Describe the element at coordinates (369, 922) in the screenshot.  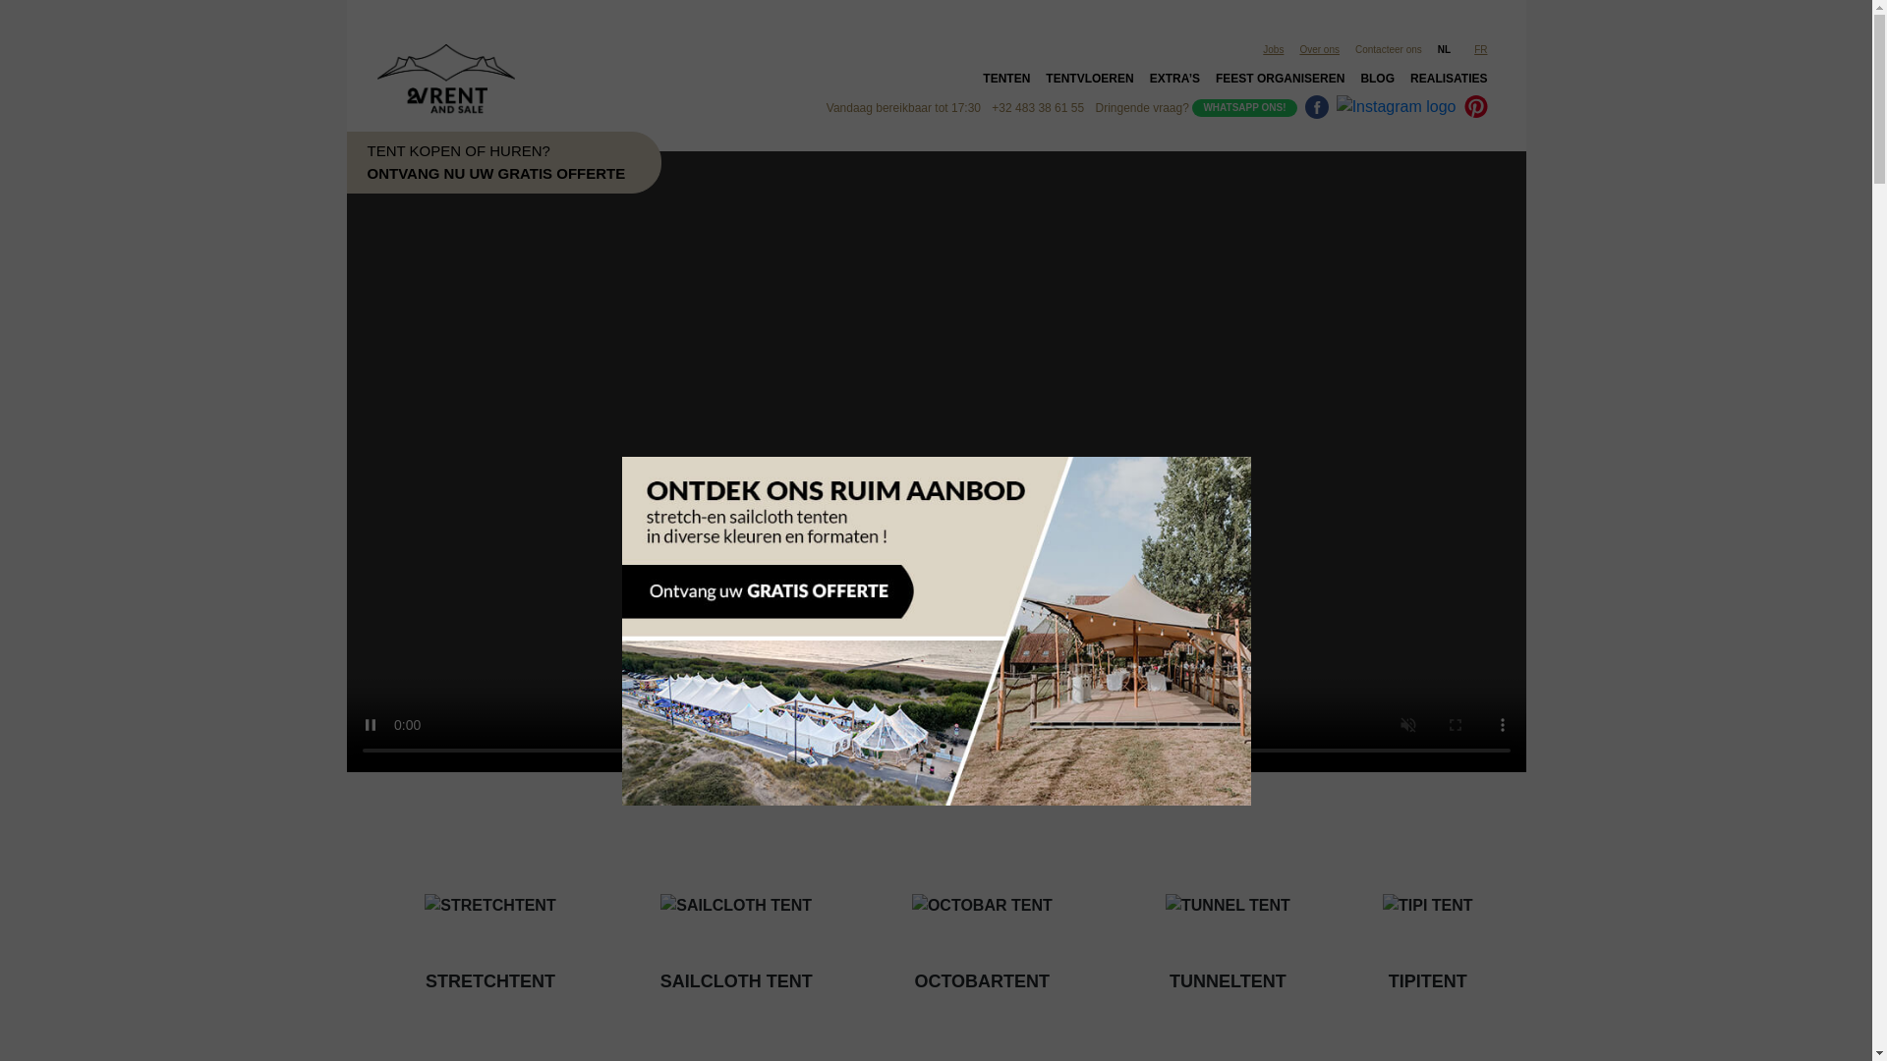
I see `'STRETCHTENT'` at that location.